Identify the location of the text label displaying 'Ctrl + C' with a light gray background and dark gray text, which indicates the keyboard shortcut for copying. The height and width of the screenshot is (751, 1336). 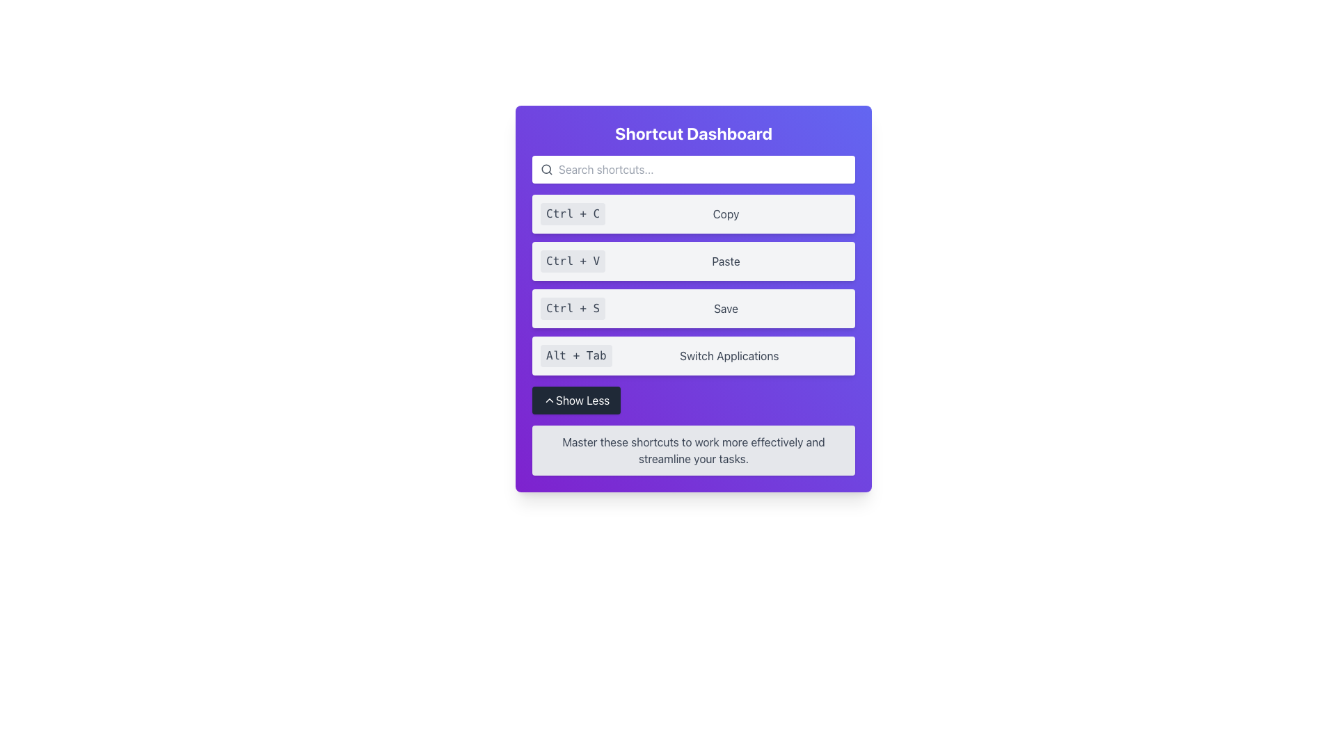
(573, 214).